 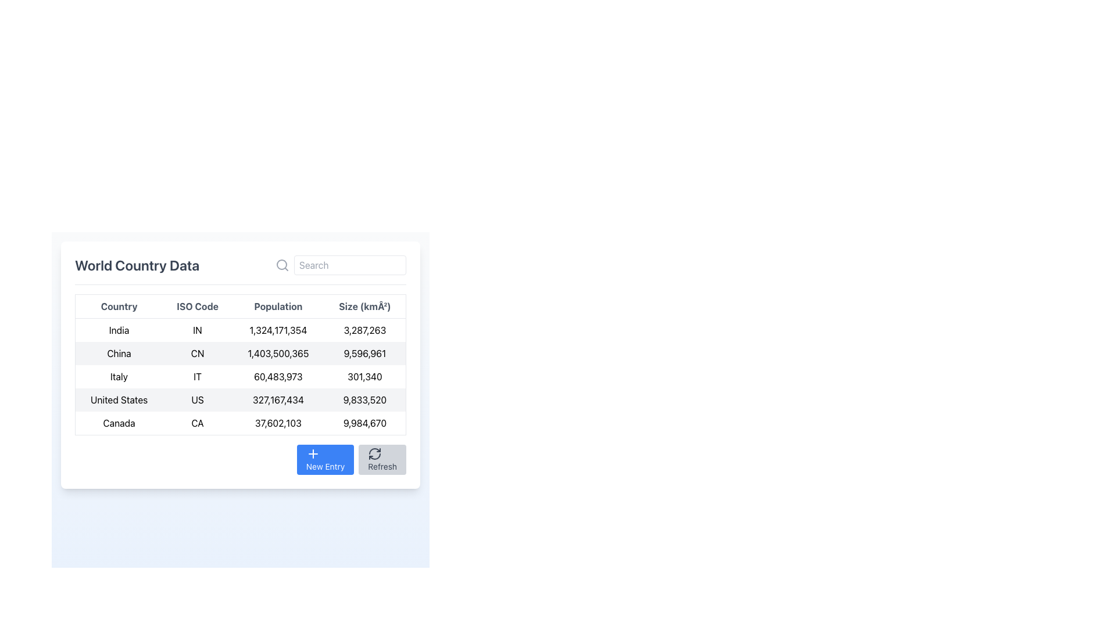 I want to click on the text element containing 'US' which is located in the second column of the row for 'United States' in the table, so click(x=198, y=399).